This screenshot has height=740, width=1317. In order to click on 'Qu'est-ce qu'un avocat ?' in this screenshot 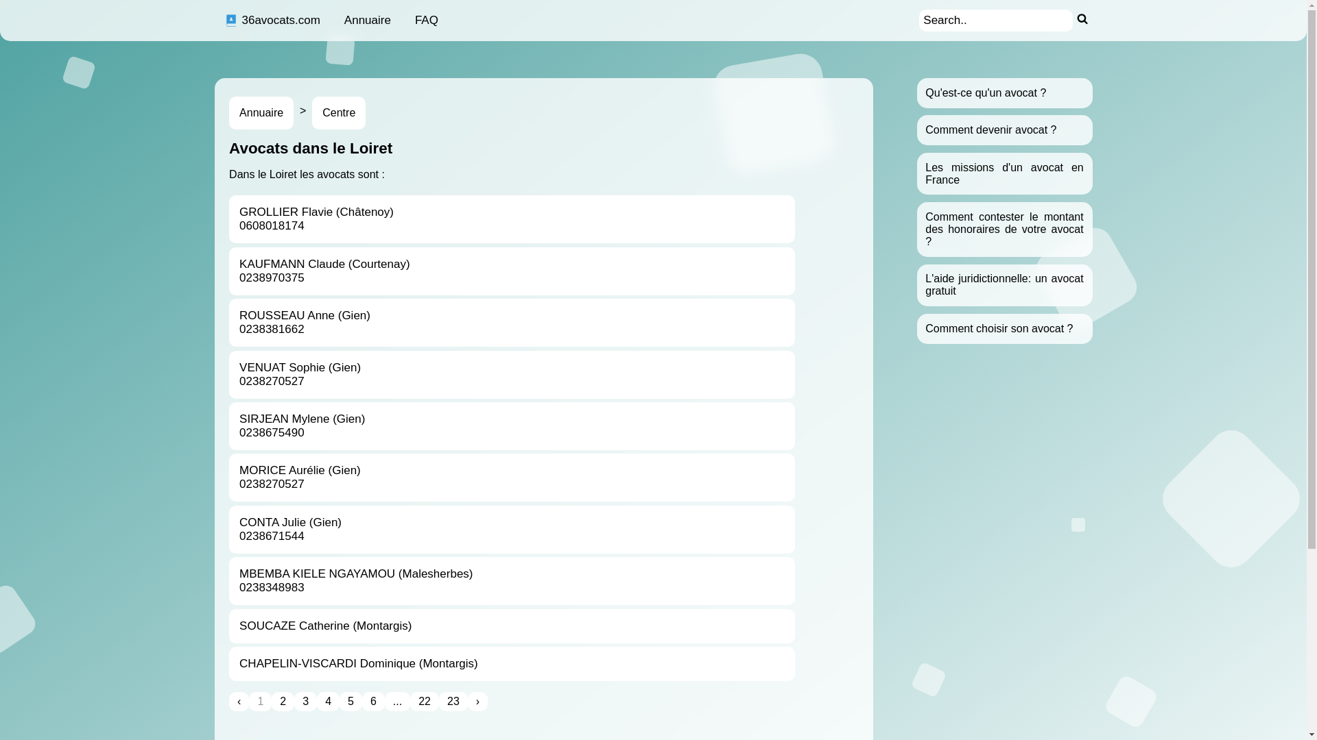, I will do `click(984, 92)`.